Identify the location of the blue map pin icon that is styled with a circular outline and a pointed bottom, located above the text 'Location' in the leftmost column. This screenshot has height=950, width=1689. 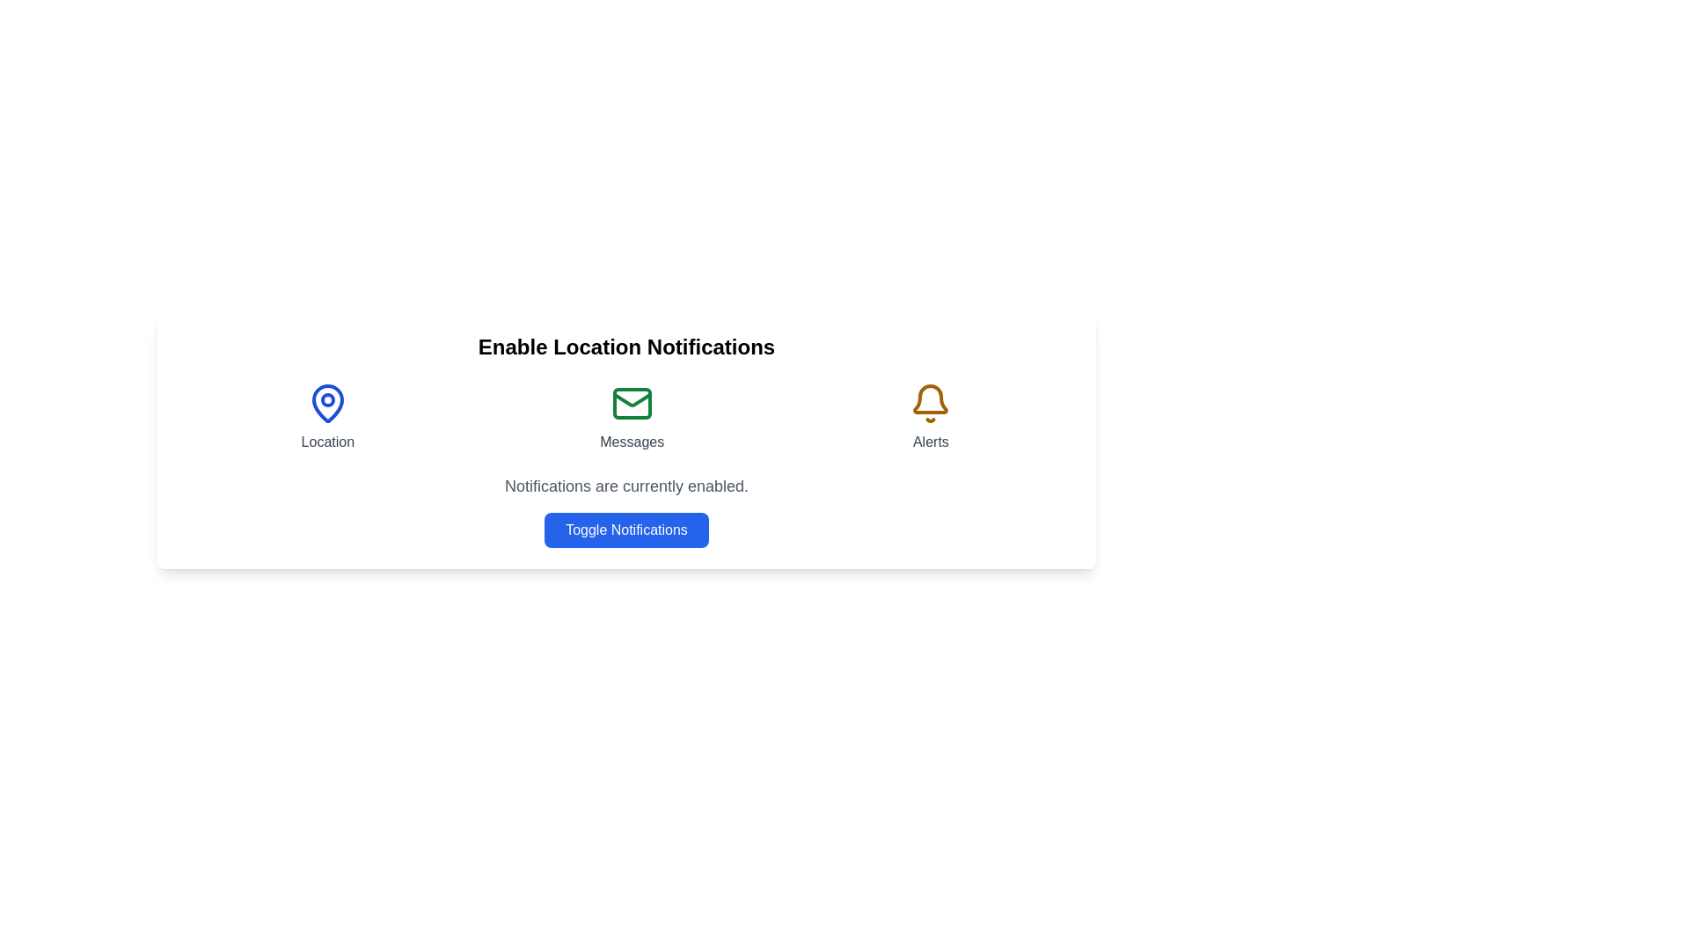
(327, 404).